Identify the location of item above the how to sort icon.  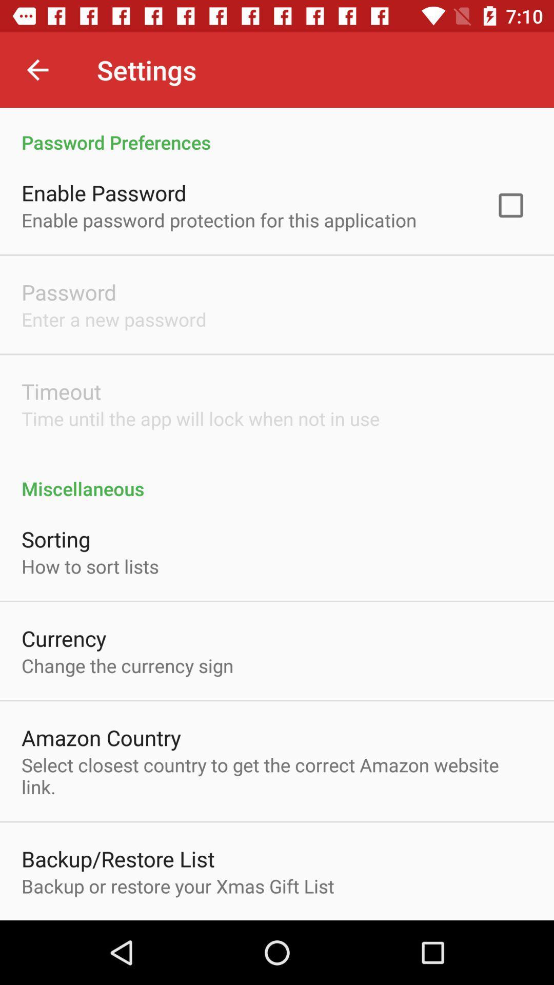
(56, 538).